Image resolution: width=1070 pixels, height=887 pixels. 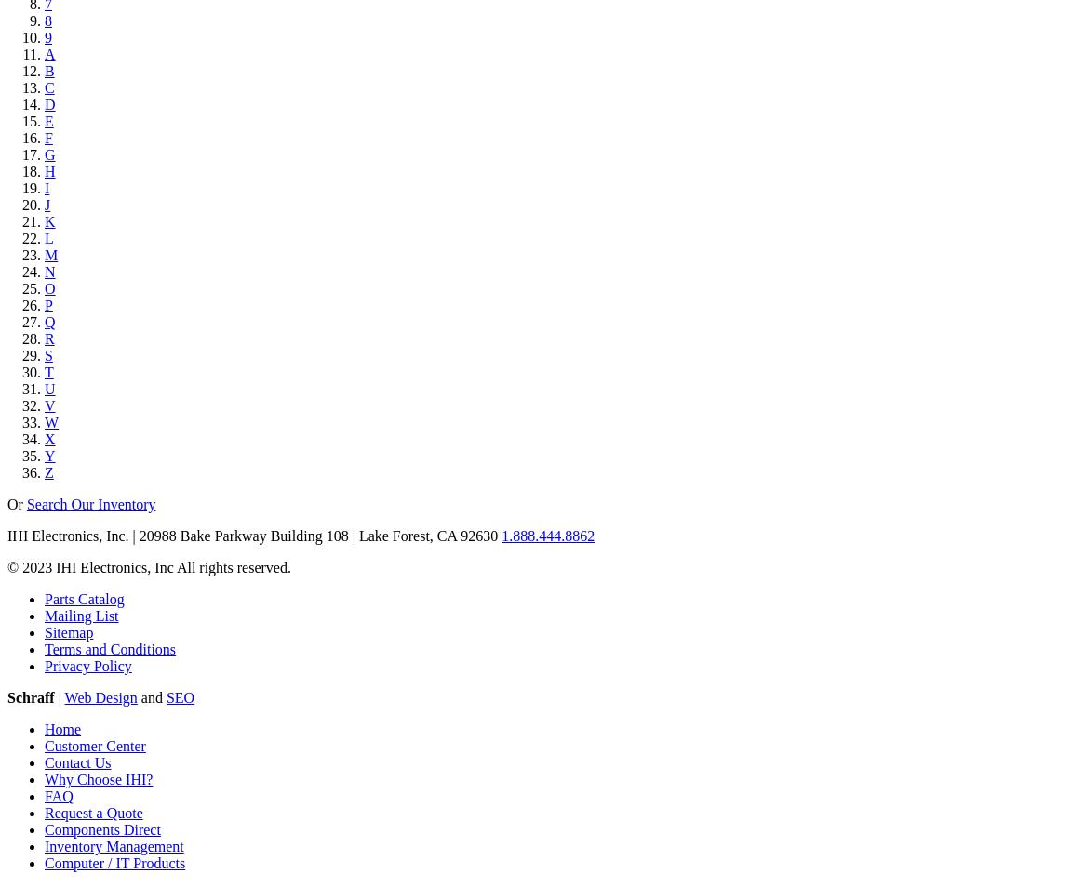 What do you see at coordinates (80, 615) in the screenshot?
I see `'Mailing List'` at bounding box center [80, 615].